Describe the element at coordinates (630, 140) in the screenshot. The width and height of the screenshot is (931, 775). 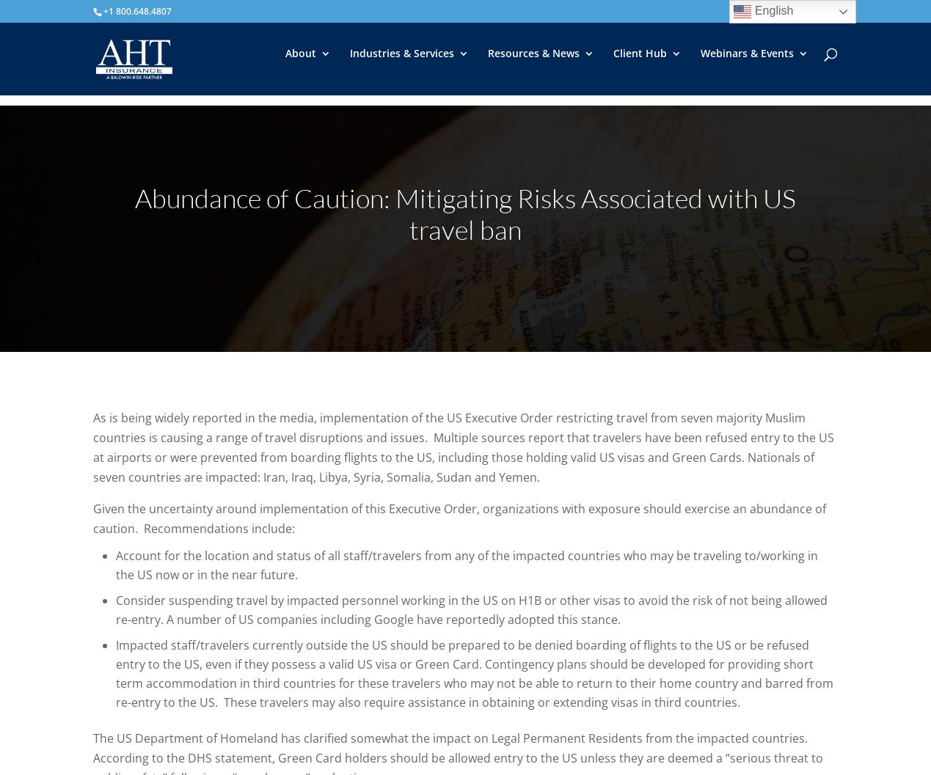
I see `'Partnerships'` at that location.